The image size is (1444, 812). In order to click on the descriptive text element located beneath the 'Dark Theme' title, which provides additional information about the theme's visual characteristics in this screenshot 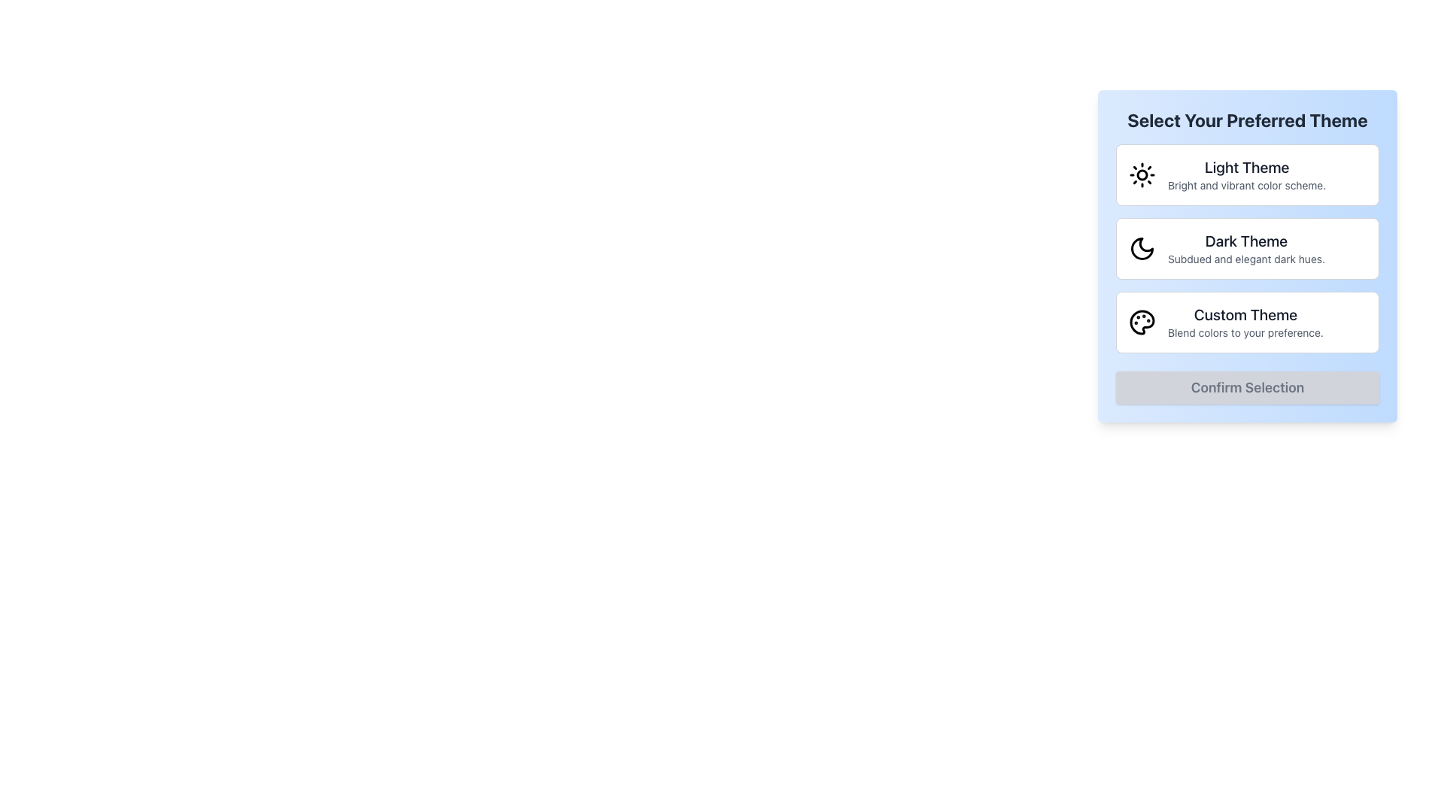, I will do `click(1246, 258)`.